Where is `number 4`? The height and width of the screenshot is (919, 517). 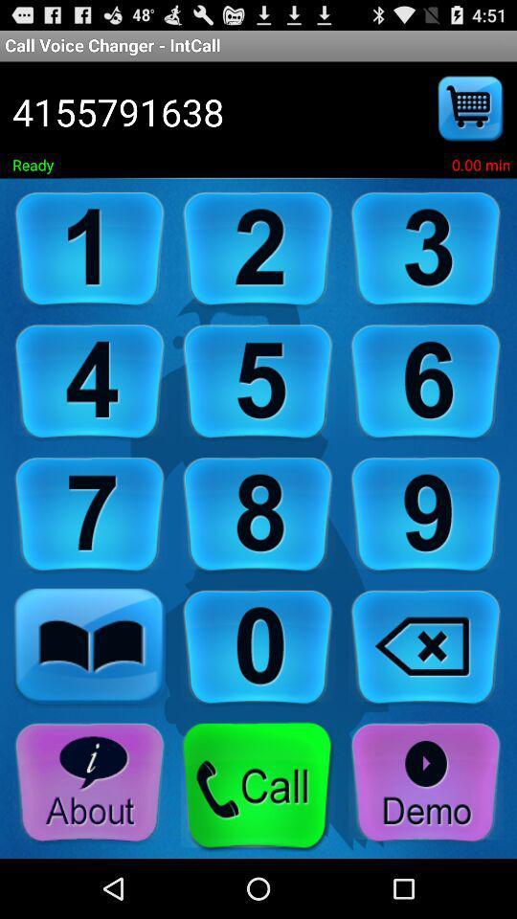
number 4 is located at coordinates (89, 381).